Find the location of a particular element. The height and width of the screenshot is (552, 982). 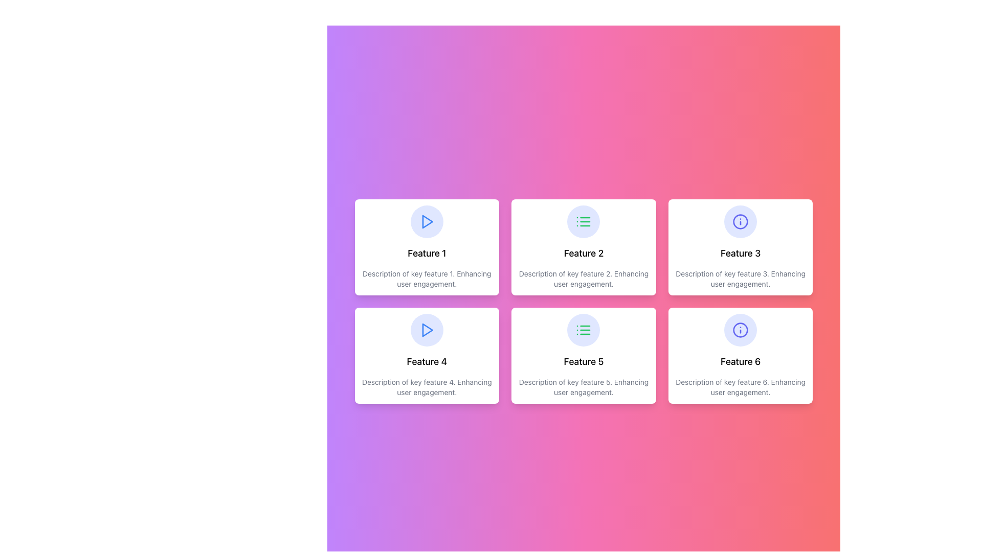

the text that reads 'Description of key feature 1. Enhancing user engagement.' which is styled in gray and located within the 'Feature 1' card is located at coordinates (427, 279).